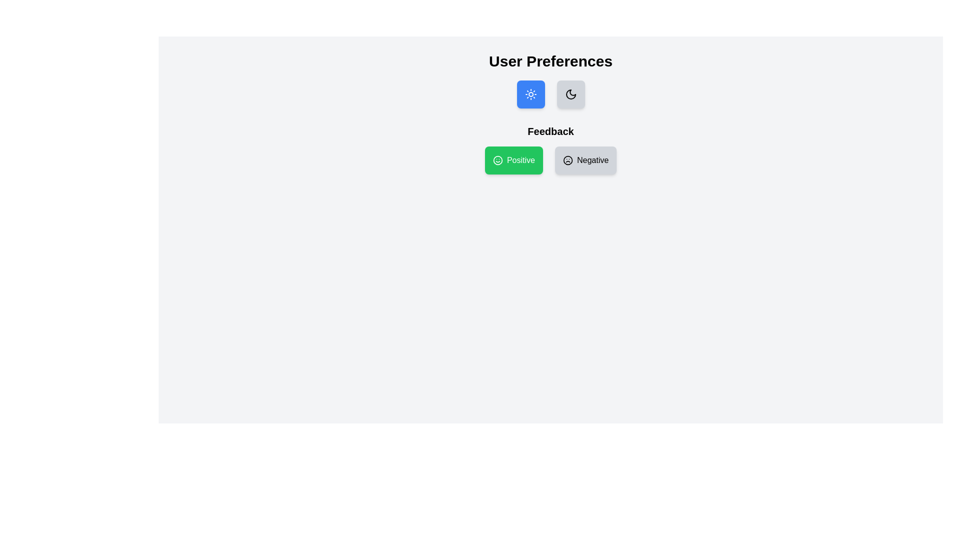 Image resolution: width=961 pixels, height=540 pixels. What do you see at coordinates (571, 94) in the screenshot?
I see `the moon-shaped icon button with a black outline on a grey rounded rectangular background, which is the second icon in the top row under the 'User Preferences' section, located to the right of the sun icon` at bounding box center [571, 94].